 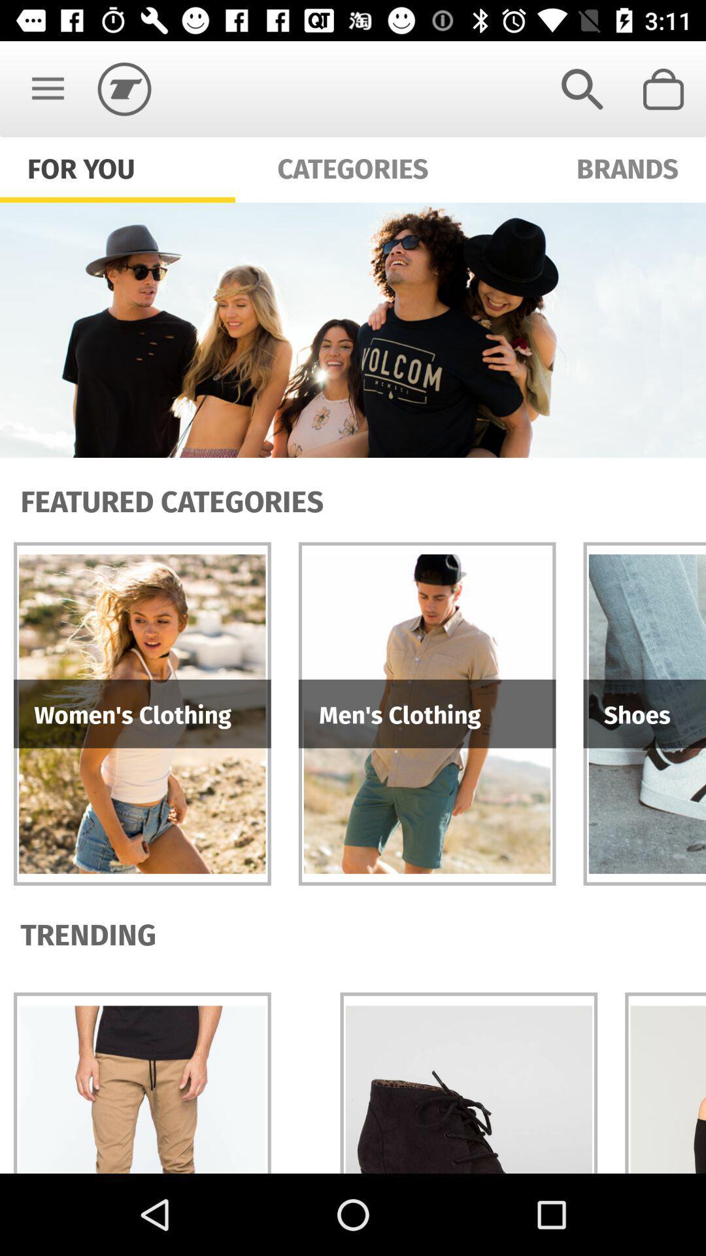 I want to click on the for you, so click(x=81, y=166).